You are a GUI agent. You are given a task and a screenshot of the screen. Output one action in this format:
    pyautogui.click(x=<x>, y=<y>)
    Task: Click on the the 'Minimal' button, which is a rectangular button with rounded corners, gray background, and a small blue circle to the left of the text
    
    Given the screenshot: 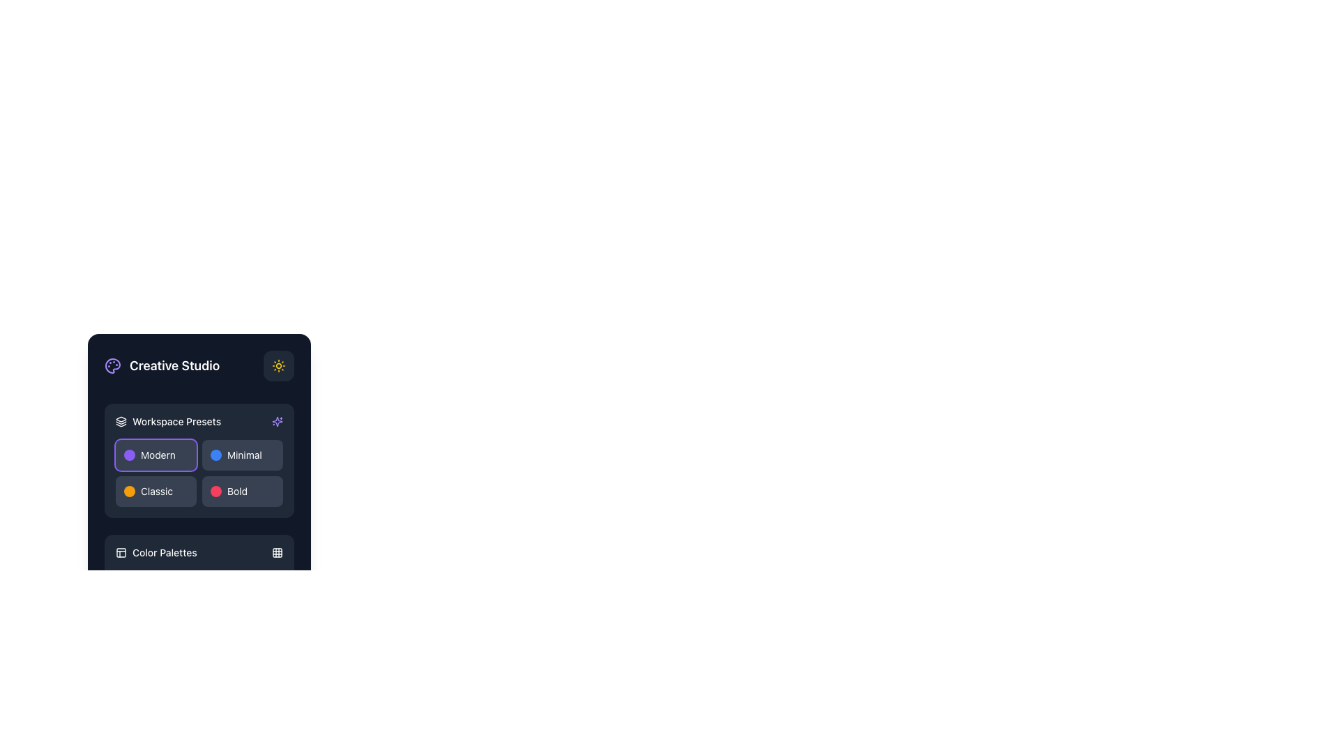 What is the action you would take?
    pyautogui.click(x=242, y=455)
    